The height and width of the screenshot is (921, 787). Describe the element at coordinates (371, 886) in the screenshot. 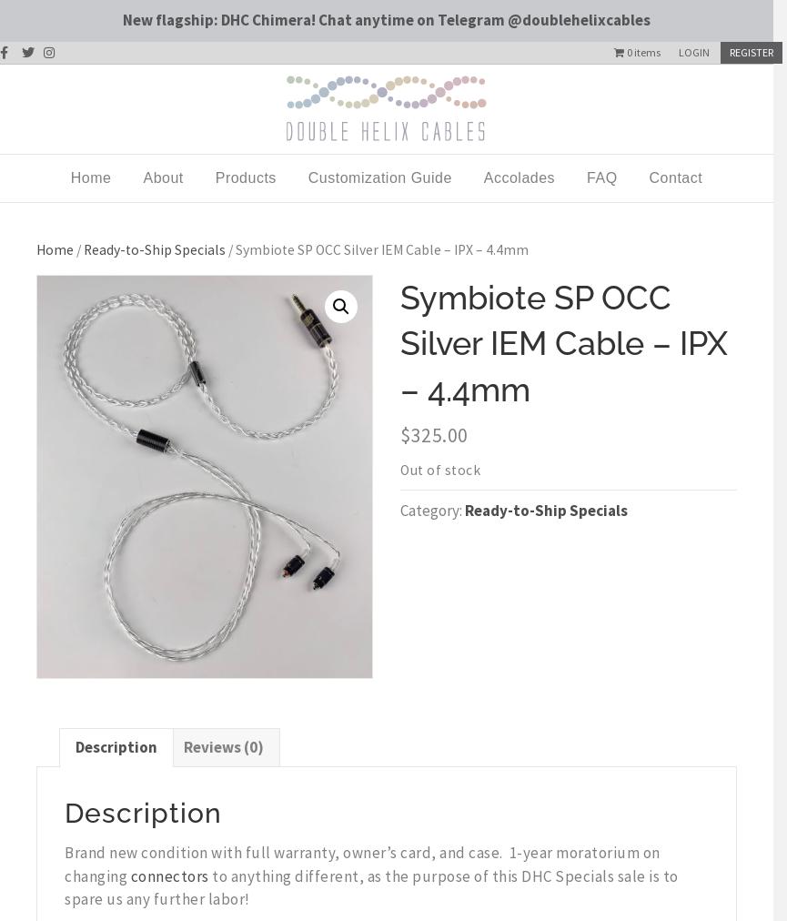

I see `'to anything different, as the purpose of this DHC Specials sale is to spare us any further labor!'` at that location.